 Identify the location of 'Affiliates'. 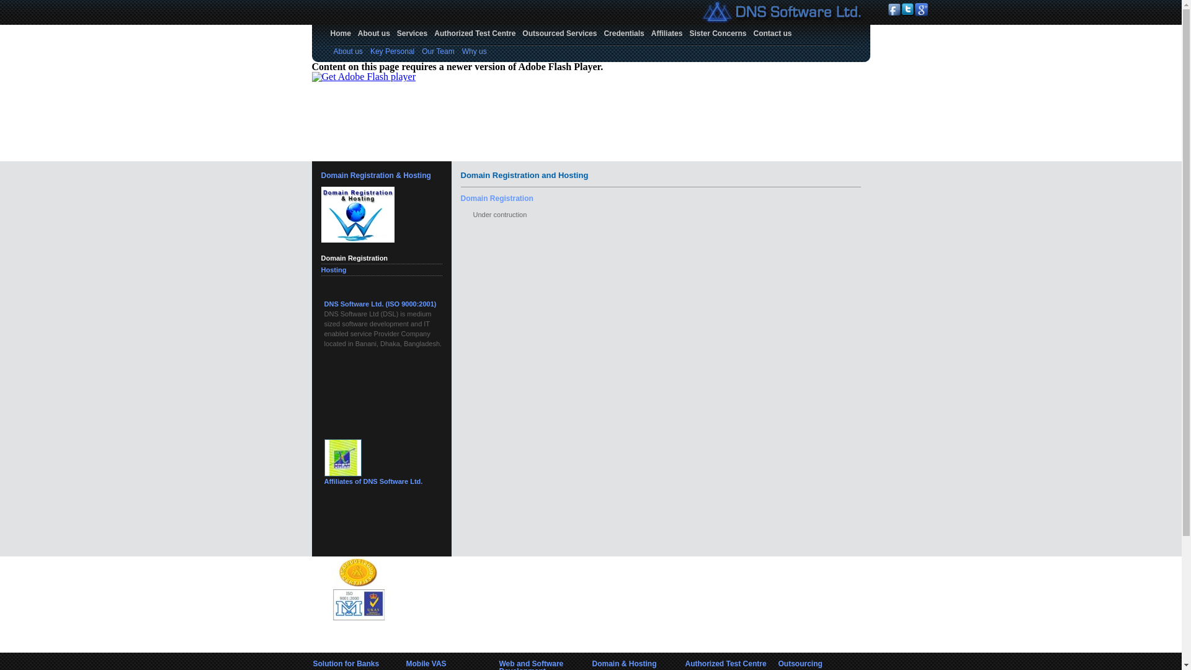
(666, 33).